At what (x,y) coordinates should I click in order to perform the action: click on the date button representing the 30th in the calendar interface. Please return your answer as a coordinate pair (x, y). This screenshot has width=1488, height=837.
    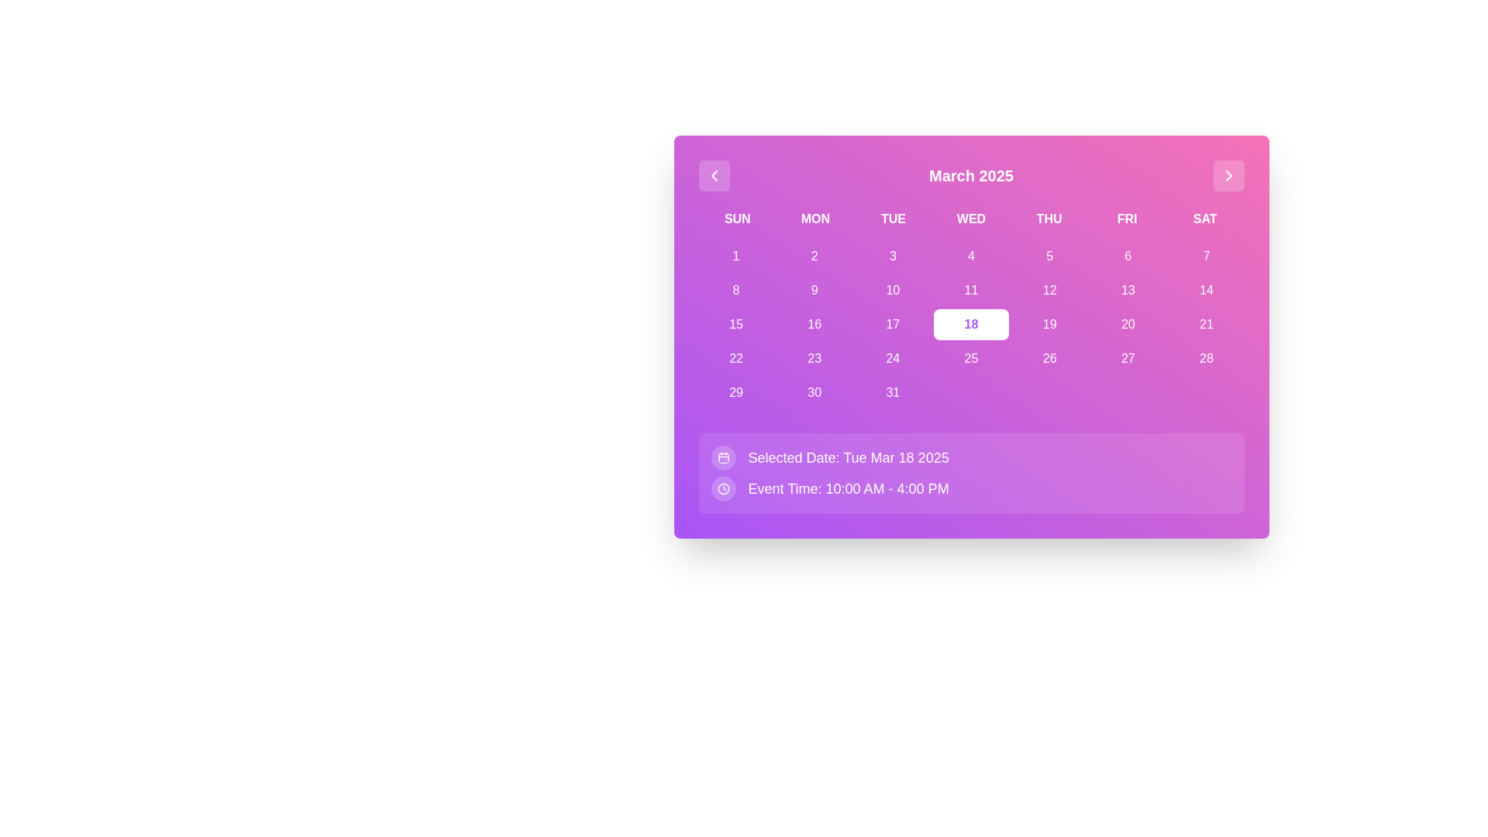
    Looking at the image, I should click on (814, 391).